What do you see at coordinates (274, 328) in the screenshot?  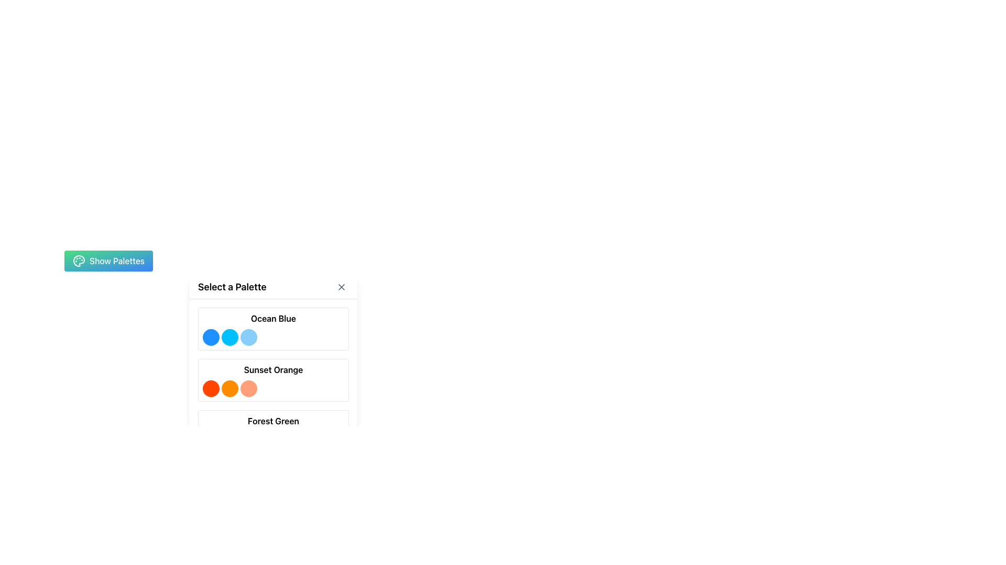 I see `color swatches in the first section of the vertically arranged grid that presents a blue color palette` at bounding box center [274, 328].